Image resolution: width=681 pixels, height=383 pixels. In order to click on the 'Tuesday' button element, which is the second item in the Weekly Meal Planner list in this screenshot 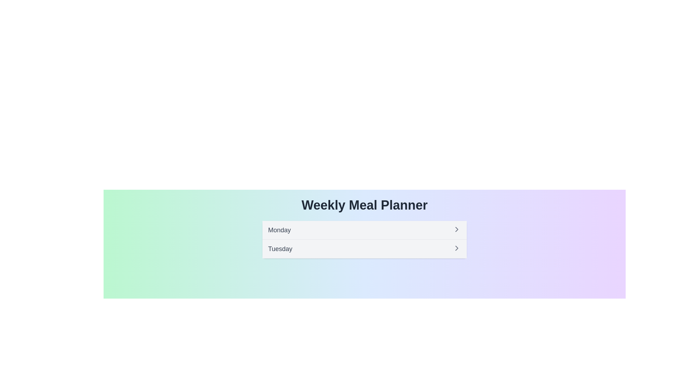, I will do `click(364, 249)`.